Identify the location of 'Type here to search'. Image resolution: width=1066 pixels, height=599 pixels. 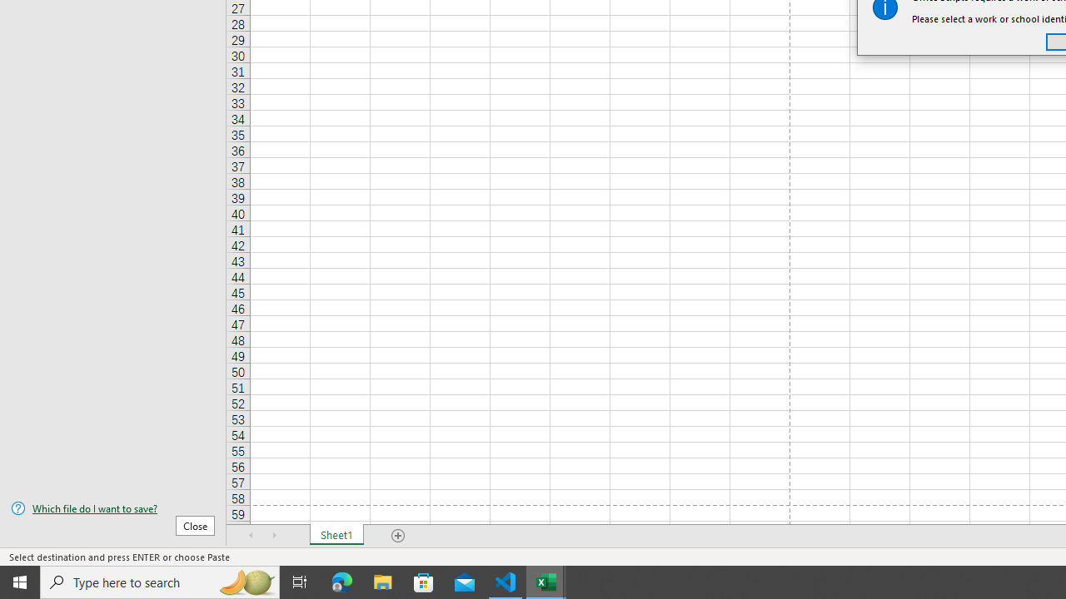
(160, 581).